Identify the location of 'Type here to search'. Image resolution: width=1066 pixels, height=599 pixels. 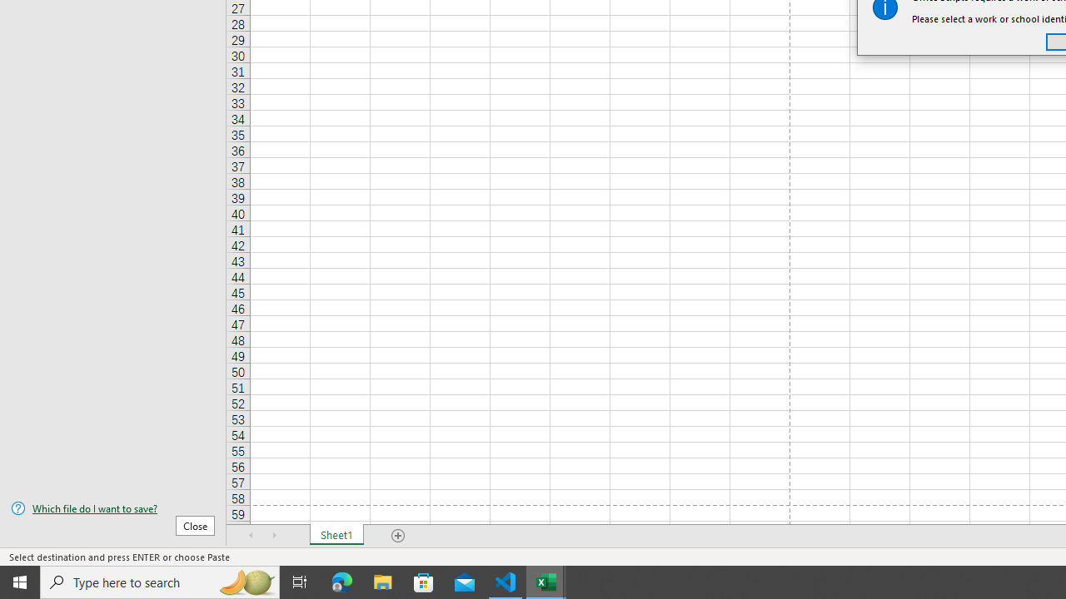
(160, 581).